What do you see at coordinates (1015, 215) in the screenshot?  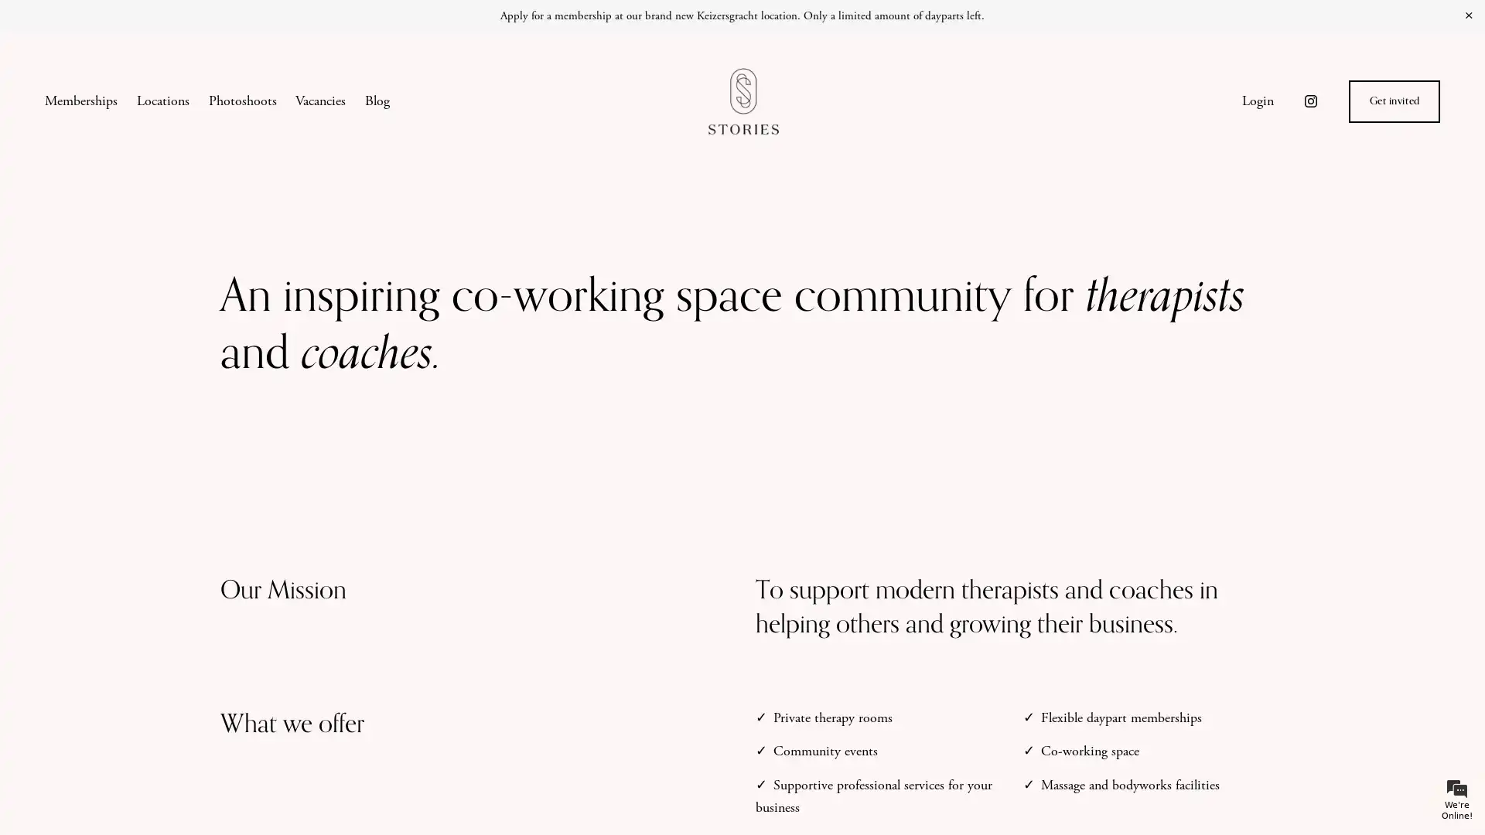 I see `Close` at bounding box center [1015, 215].